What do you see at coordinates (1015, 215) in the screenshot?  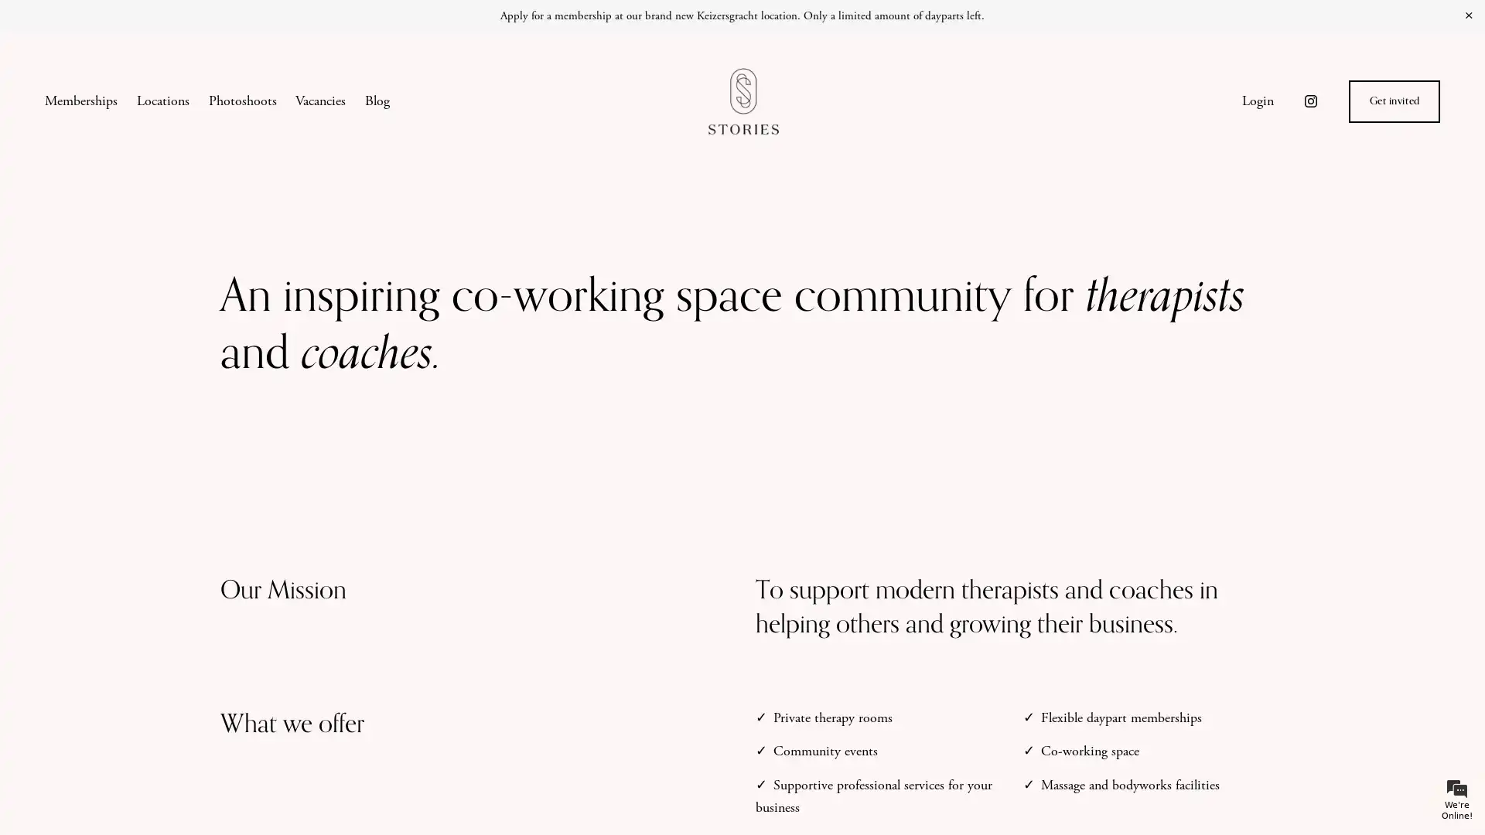 I see `Close` at bounding box center [1015, 215].